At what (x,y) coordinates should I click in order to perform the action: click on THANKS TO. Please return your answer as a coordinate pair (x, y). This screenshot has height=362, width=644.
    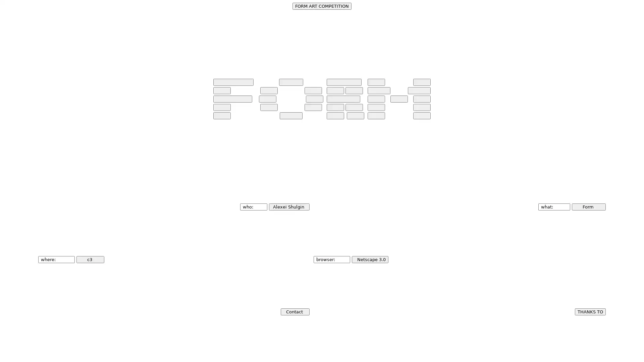
    Looking at the image, I should click on (589, 311).